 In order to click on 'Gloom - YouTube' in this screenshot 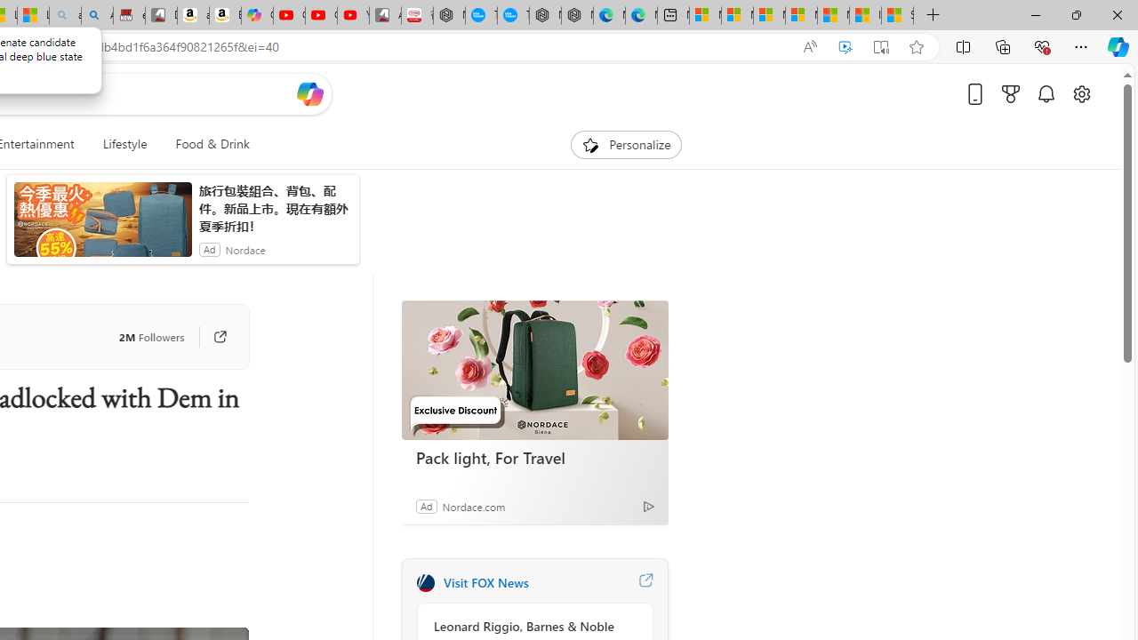, I will do `click(321, 15)`.